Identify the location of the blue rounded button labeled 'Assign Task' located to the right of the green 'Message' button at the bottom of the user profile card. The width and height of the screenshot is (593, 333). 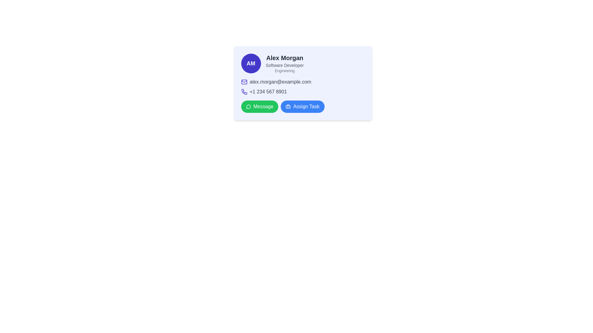
(302, 106).